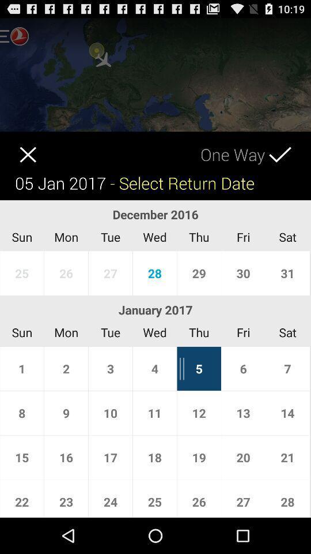 The height and width of the screenshot is (554, 311). What do you see at coordinates (17, 146) in the screenshot?
I see `calendar` at bounding box center [17, 146].